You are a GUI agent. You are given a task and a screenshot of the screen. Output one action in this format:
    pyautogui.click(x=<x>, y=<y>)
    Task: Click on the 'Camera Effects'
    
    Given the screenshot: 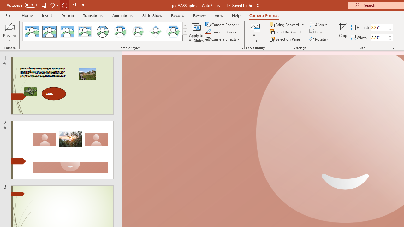 What is the action you would take?
    pyautogui.click(x=223, y=39)
    